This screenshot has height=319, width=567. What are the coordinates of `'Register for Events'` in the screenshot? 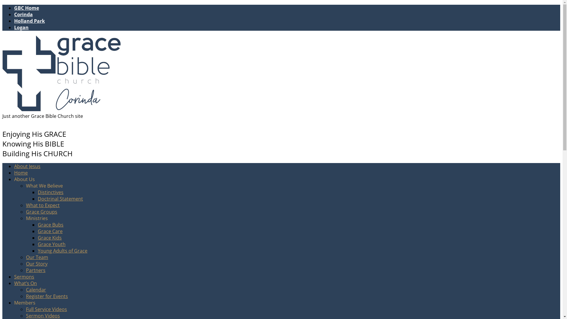 It's located at (46, 296).